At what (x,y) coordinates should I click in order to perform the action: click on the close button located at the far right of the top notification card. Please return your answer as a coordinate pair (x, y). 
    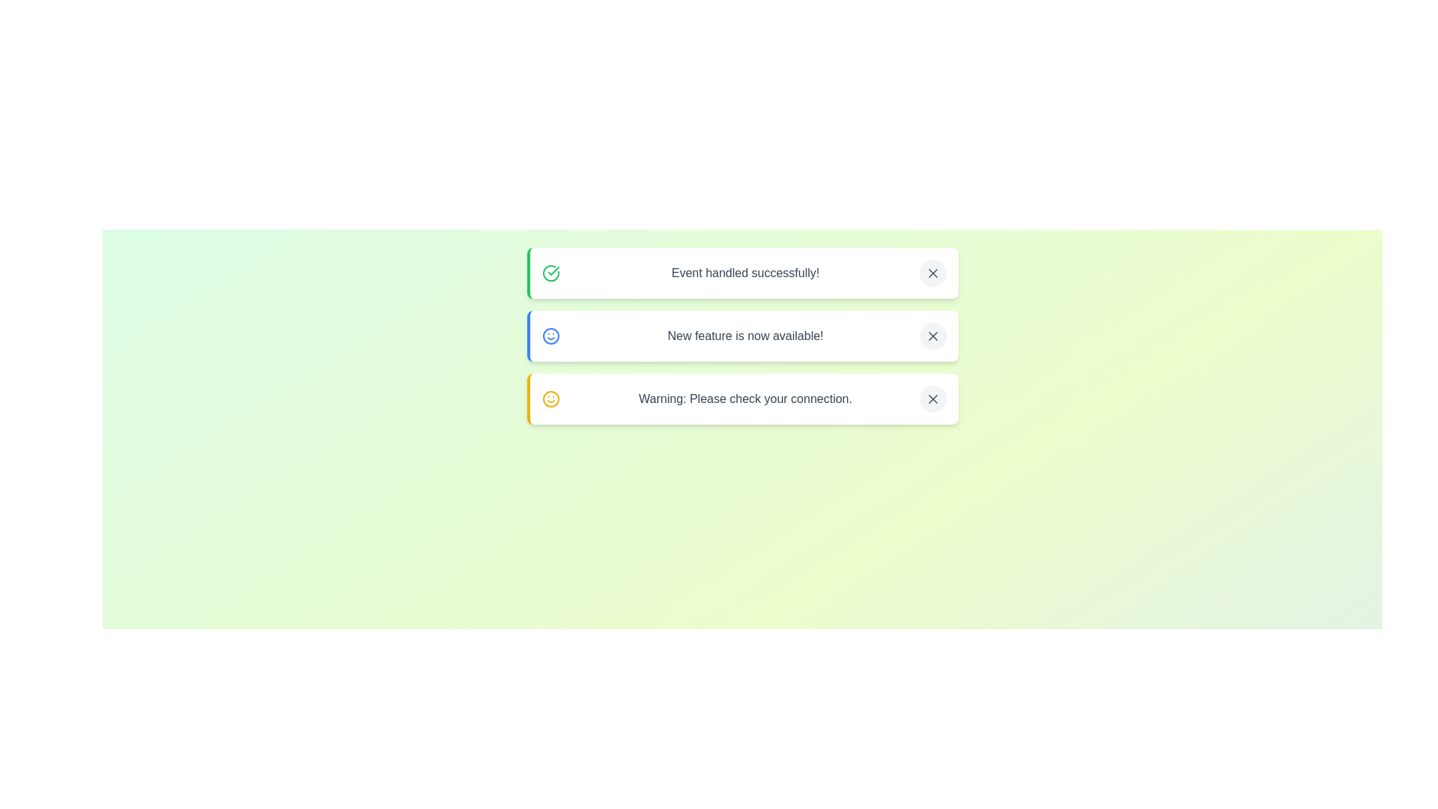
    Looking at the image, I should click on (932, 273).